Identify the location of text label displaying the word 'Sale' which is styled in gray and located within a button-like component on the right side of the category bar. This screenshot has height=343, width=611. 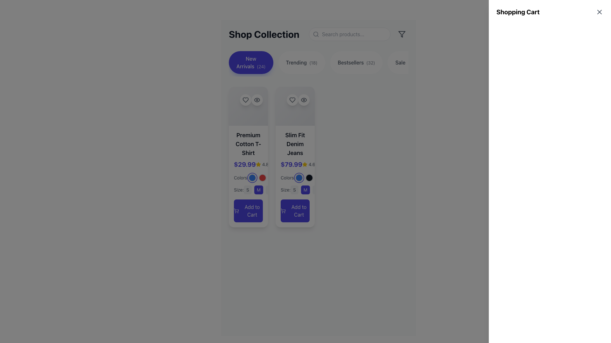
(400, 62).